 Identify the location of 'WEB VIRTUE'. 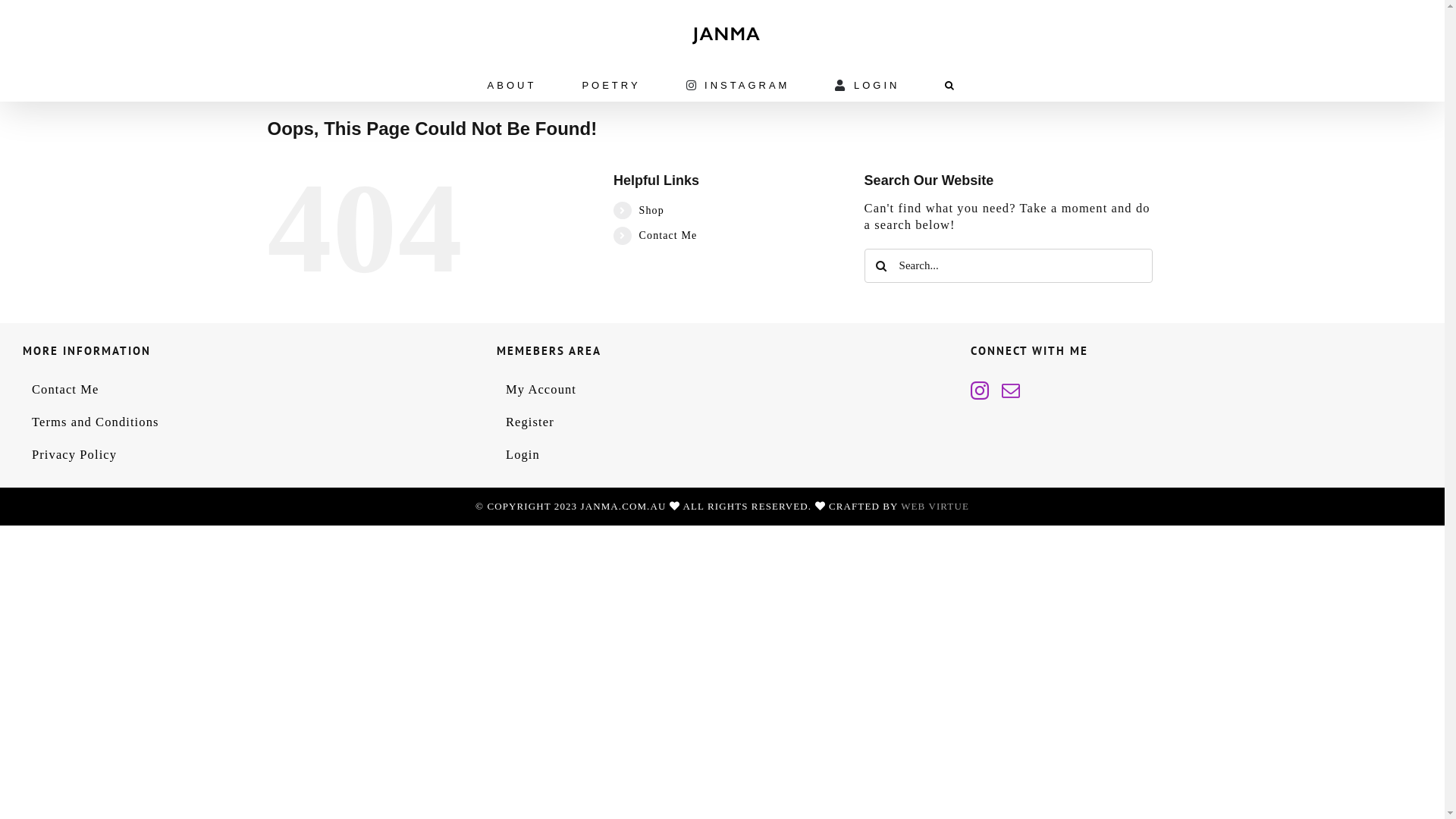
(934, 506).